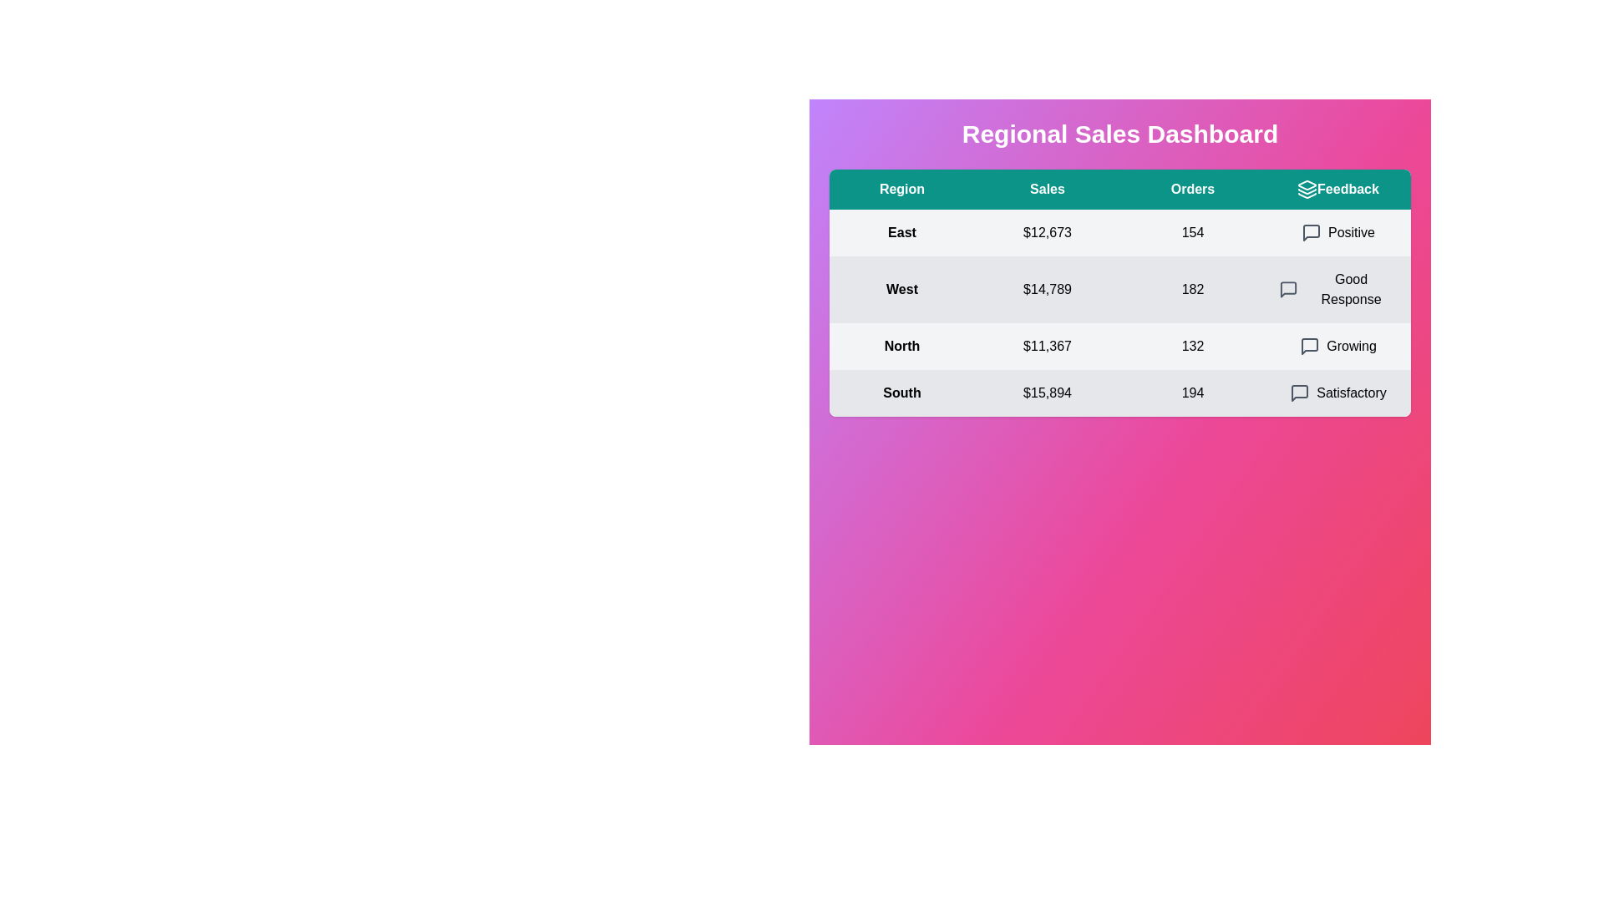  Describe the element at coordinates (1287, 289) in the screenshot. I see `the feedback icon for the West region` at that location.